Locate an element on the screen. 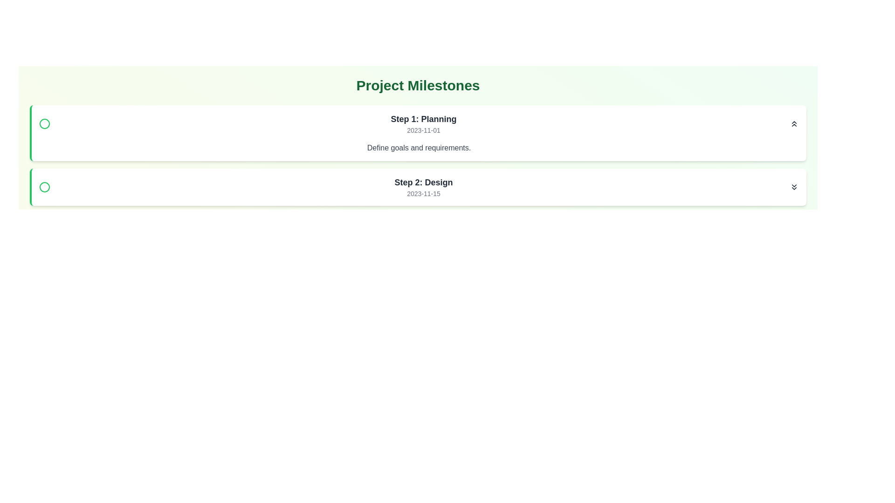 Image resolution: width=895 pixels, height=503 pixels. the icon is located at coordinates (794, 187).